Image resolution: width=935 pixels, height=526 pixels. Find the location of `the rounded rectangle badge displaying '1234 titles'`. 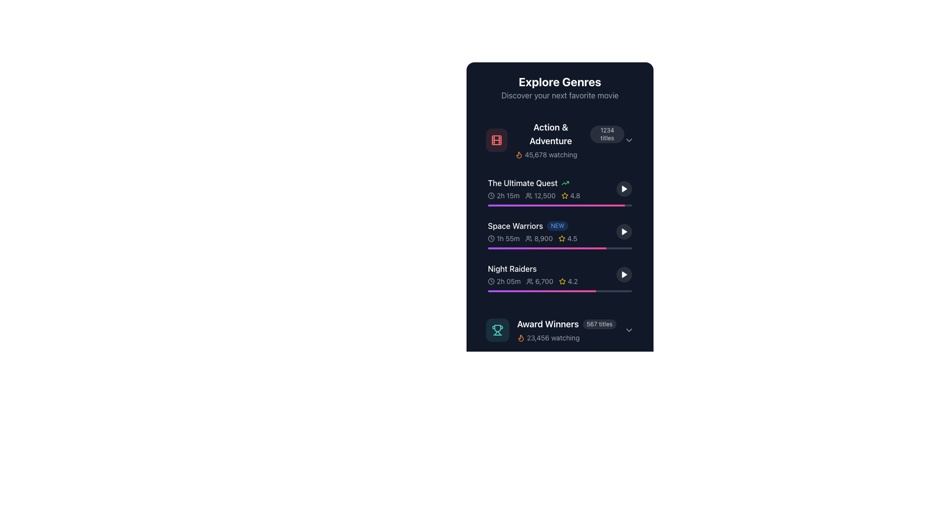

the rounded rectangle badge displaying '1234 titles' is located at coordinates (607, 134).